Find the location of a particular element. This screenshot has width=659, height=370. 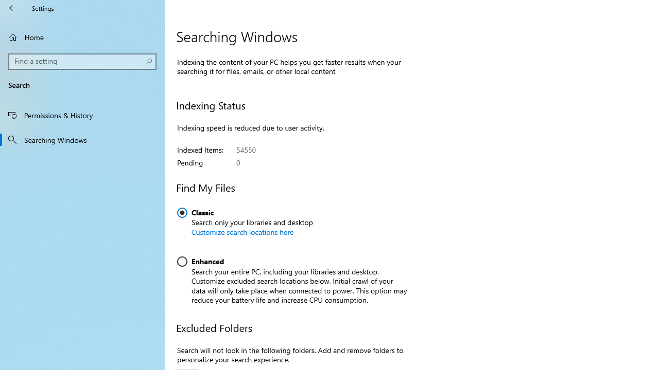

'Search box, Find a setting' is located at coordinates (82, 61).